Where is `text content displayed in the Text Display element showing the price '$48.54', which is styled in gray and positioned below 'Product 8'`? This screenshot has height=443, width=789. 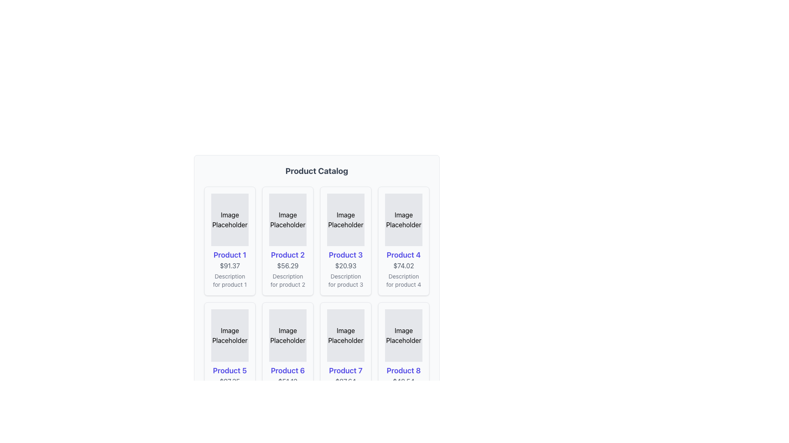 text content displayed in the Text Display element showing the price '$48.54', which is styled in gray and positioned below 'Product 8' is located at coordinates (404, 381).